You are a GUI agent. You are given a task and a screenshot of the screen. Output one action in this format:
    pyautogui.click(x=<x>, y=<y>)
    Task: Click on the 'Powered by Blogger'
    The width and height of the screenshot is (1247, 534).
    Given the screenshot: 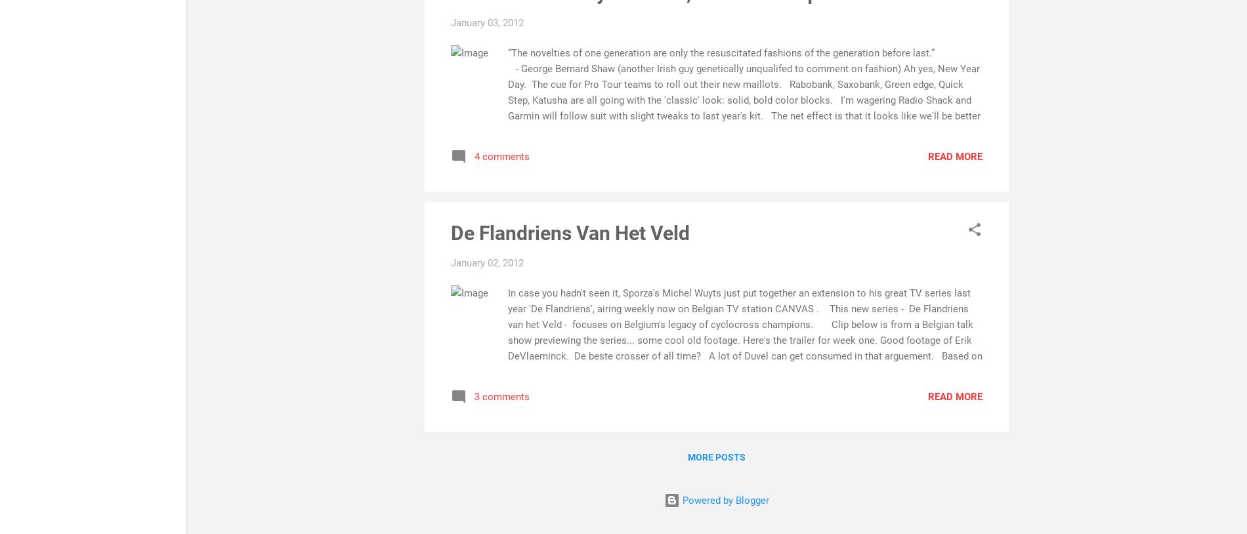 What is the action you would take?
    pyautogui.click(x=725, y=500)
    